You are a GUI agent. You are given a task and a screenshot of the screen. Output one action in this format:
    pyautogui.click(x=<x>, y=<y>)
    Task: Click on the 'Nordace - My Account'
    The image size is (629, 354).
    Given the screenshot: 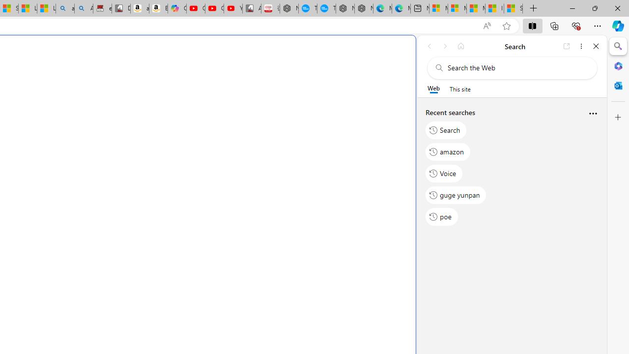 What is the action you would take?
    pyautogui.click(x=288, y=8)
    